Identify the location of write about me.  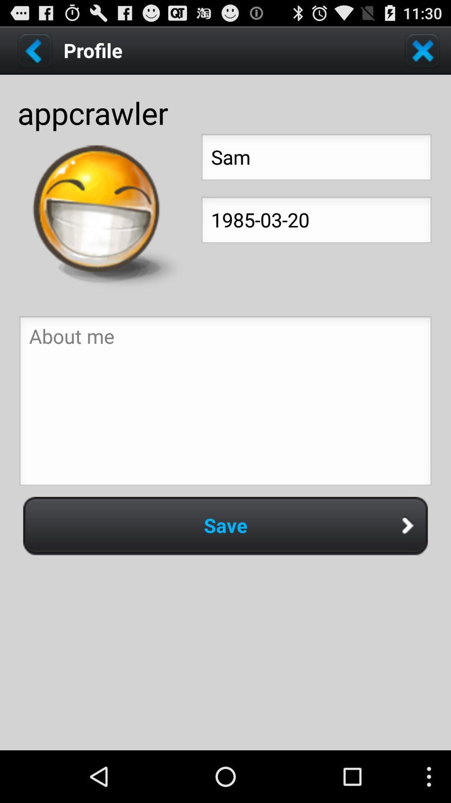
(225, 403).